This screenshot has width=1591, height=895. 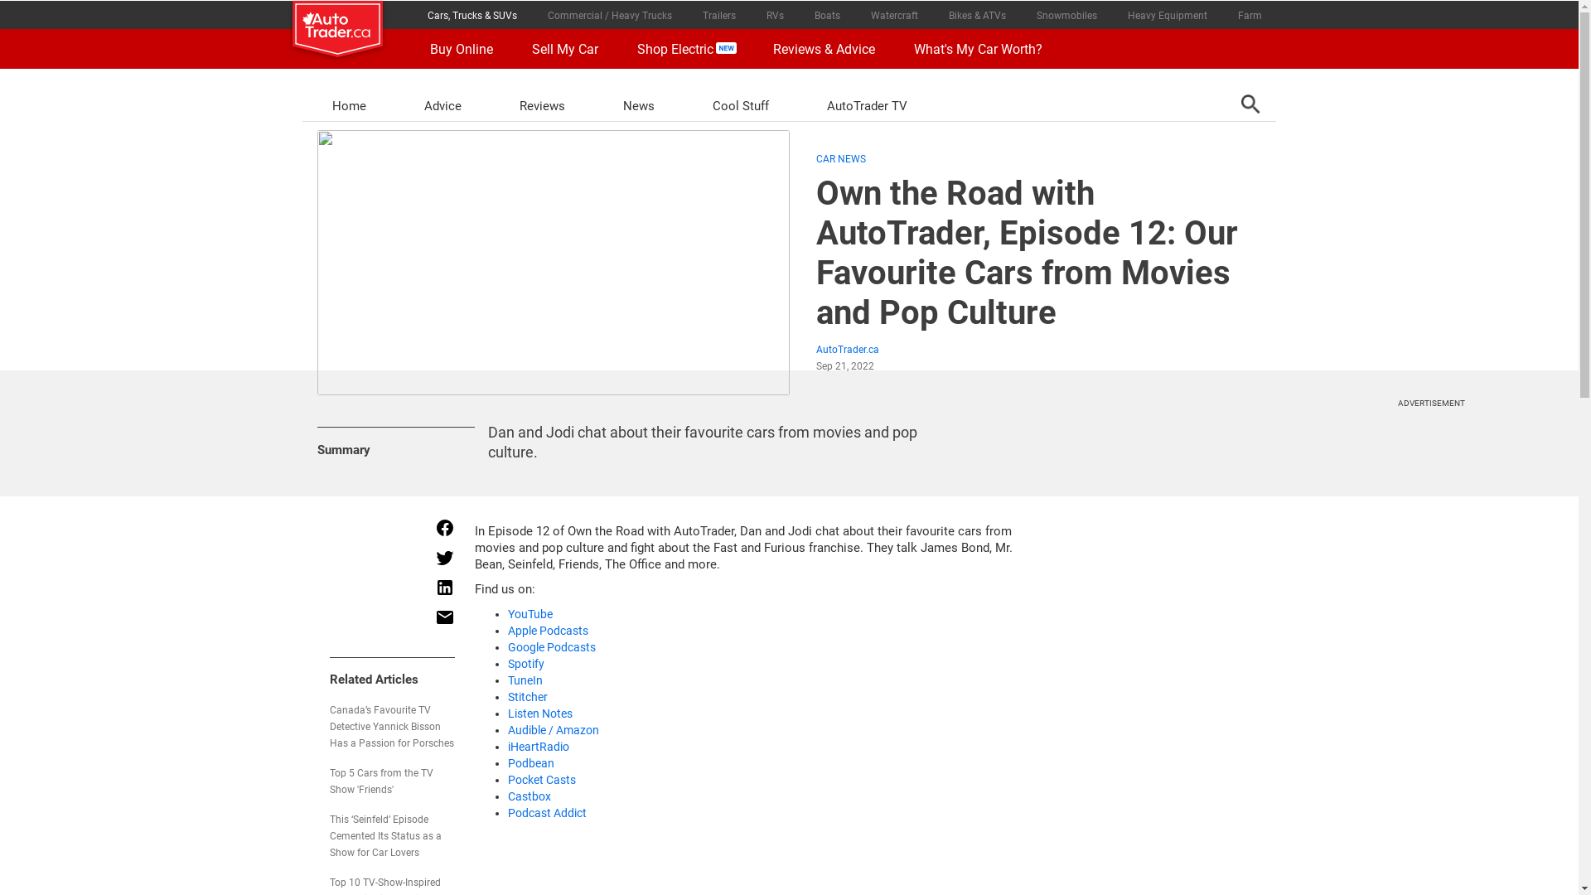 I want to click on 'Reviews & Advice', so click(x=818, y=46).